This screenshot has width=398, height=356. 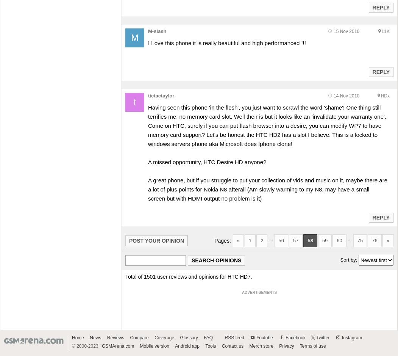 What do you see at coordinates (312, 345) in the screenshot?
I see `'Terms of use'` at bounding box center [312, 345].